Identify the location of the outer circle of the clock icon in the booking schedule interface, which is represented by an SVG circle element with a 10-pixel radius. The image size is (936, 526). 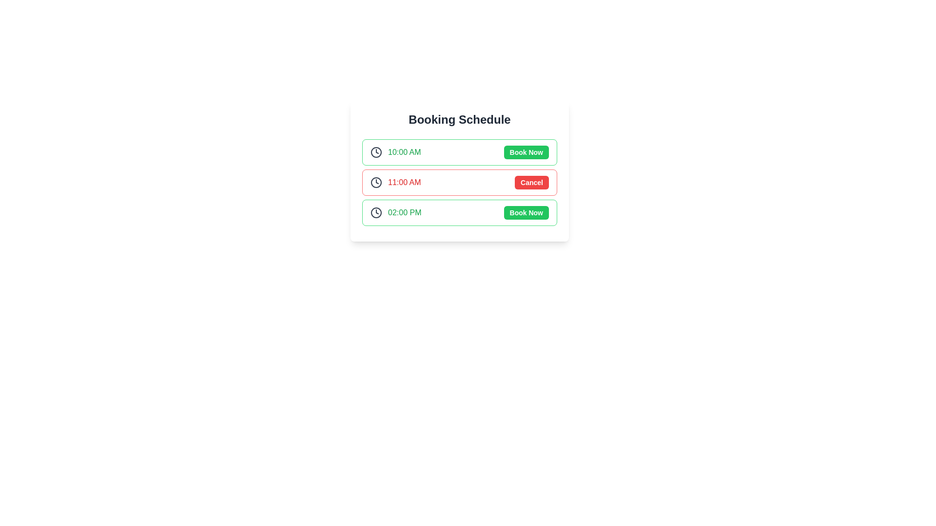
(376, 212).